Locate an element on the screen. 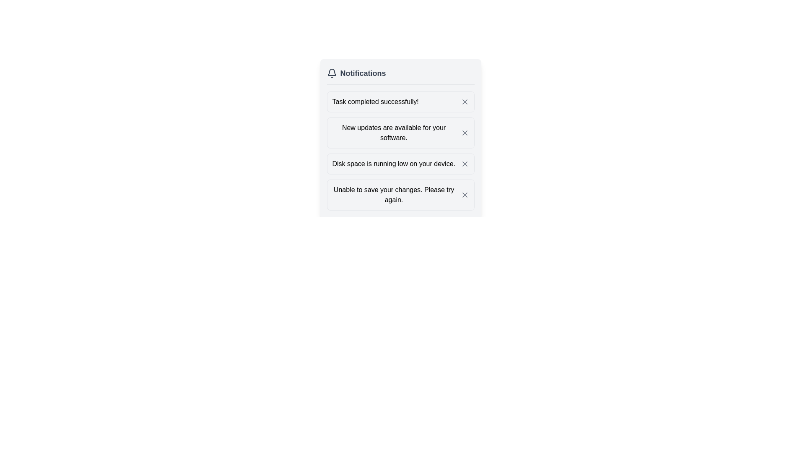 The height and width of the screenshot is (453, 805). header text label of the notifications panel, which is located to the right of a bell icon and serves to indicate the panel's purpose is located at coordinates (363, 73).